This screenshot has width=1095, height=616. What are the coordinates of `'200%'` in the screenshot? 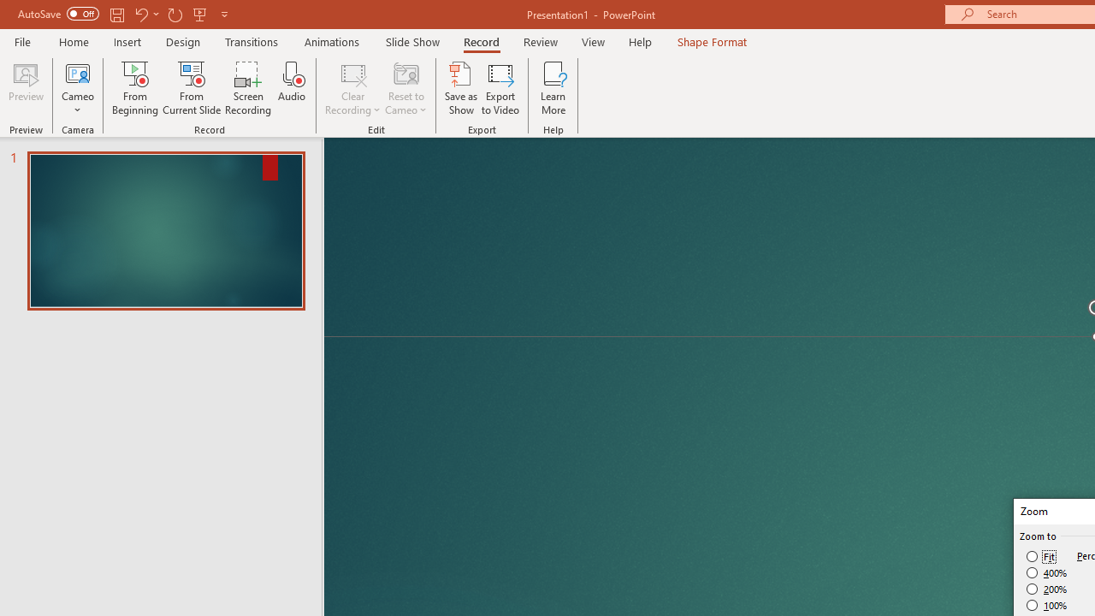 It's located at (1046, 589).